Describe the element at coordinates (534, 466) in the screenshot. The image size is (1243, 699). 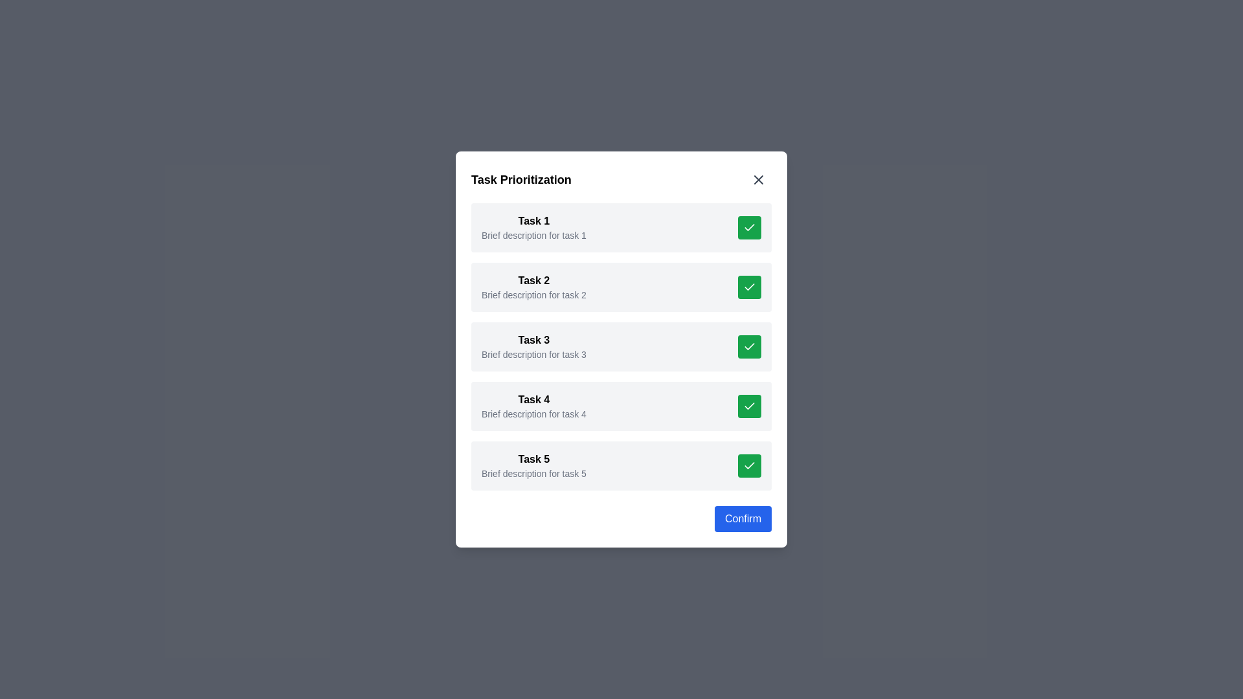
I see `the Text element titled 'Task 5' with a subtitle 'Brief description for task 5', which is centrally aligned within a light gray background` at that location.